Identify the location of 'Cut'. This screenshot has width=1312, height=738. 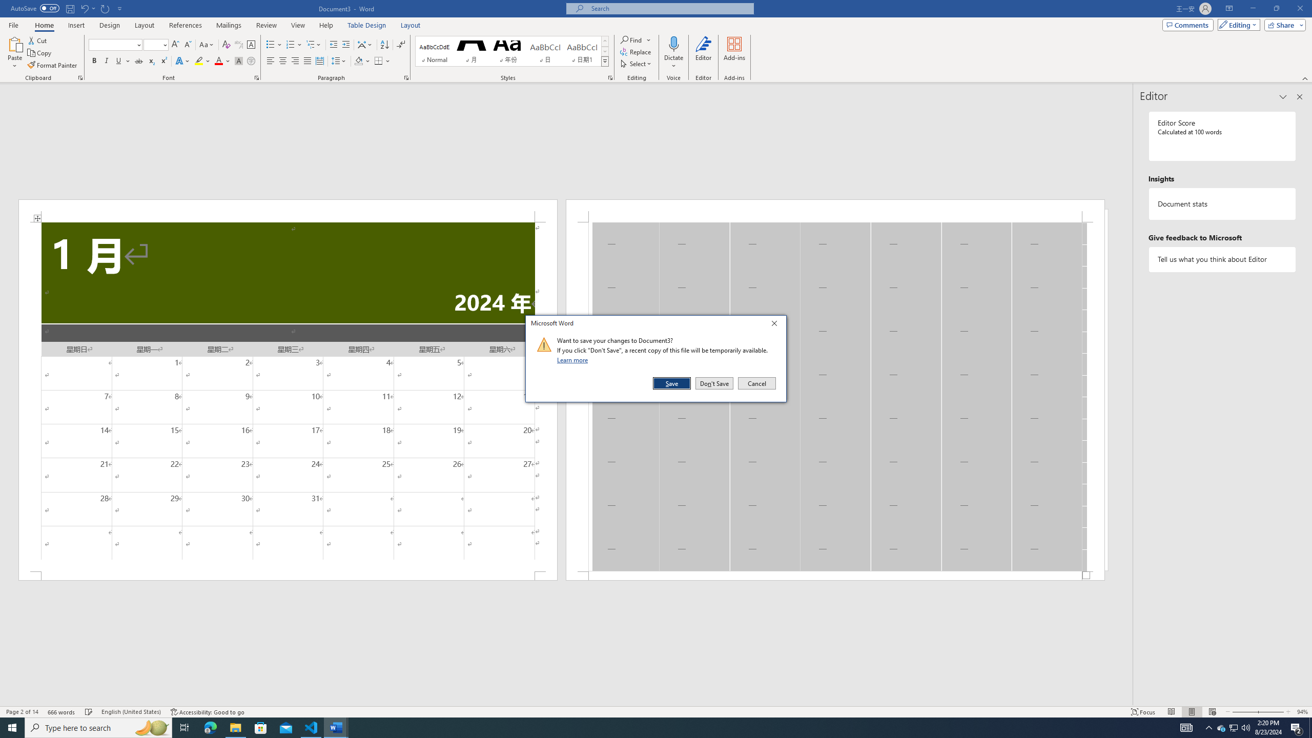
(37, 40).